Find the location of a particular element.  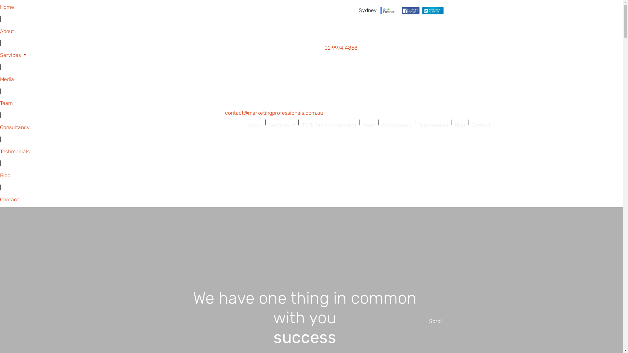

'Team' is located at coordinates (369, 125).